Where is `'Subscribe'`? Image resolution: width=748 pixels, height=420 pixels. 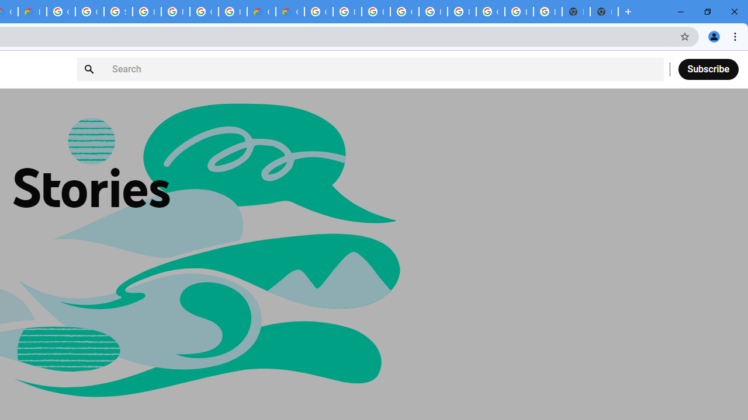 'Subscribe' is located at coordinates (708, 69).